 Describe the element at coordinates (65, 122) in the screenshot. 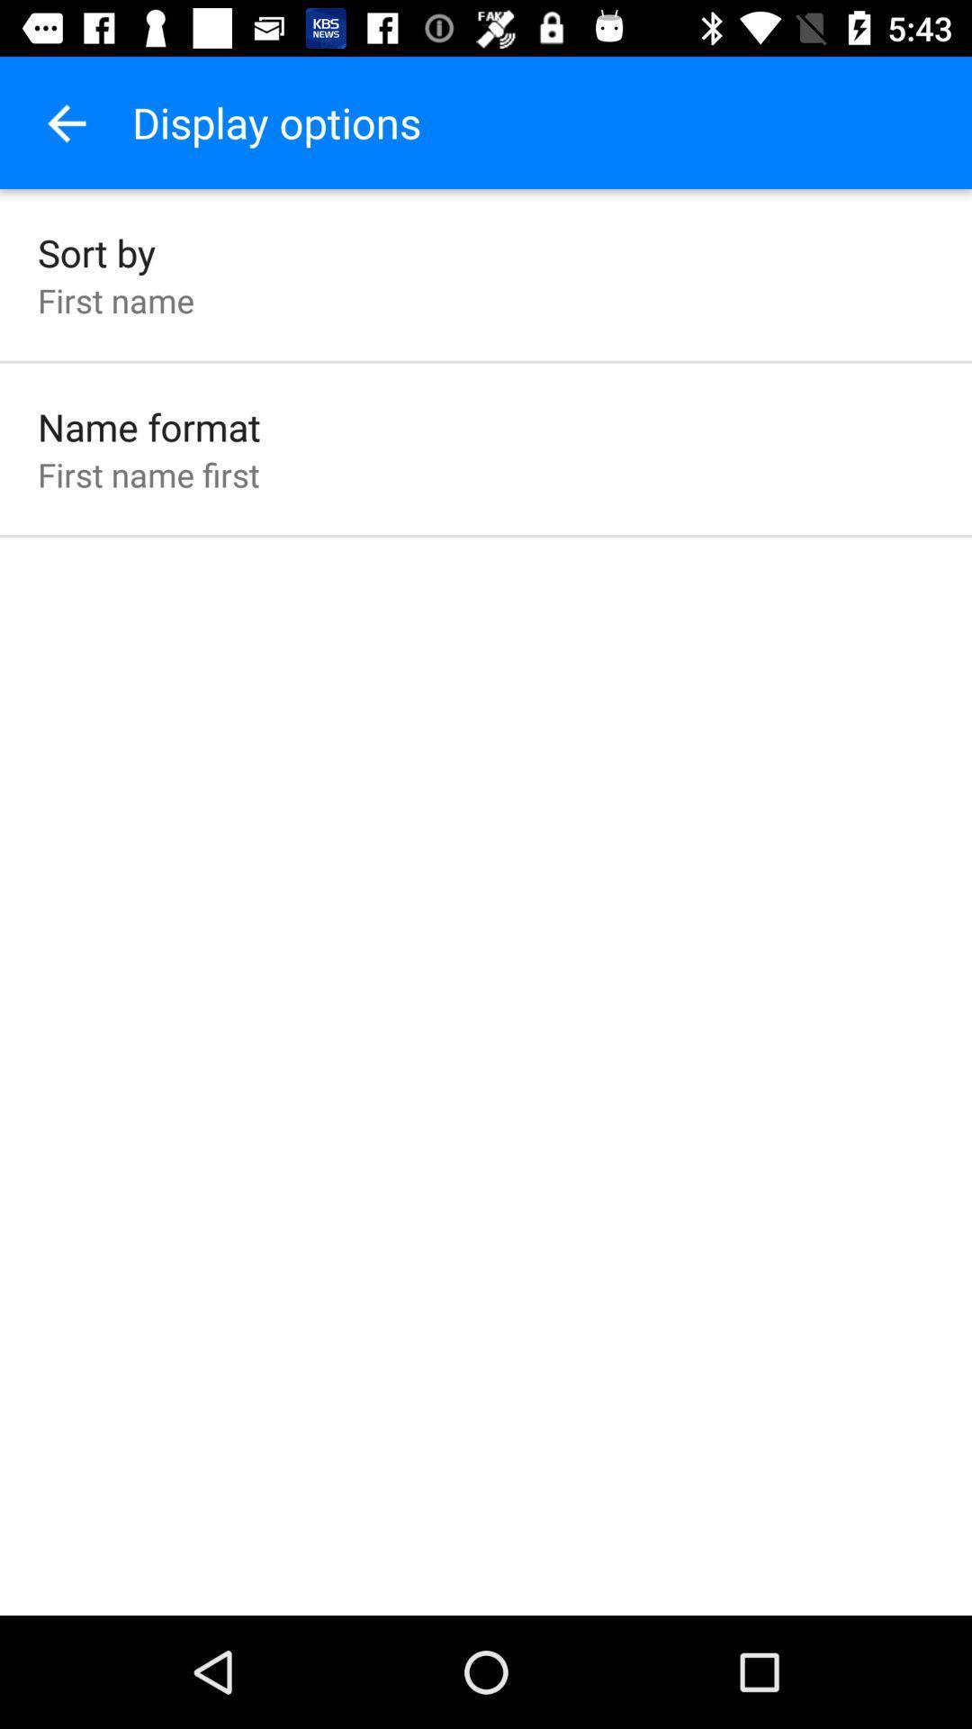

I see `item above sort by item` at that location.